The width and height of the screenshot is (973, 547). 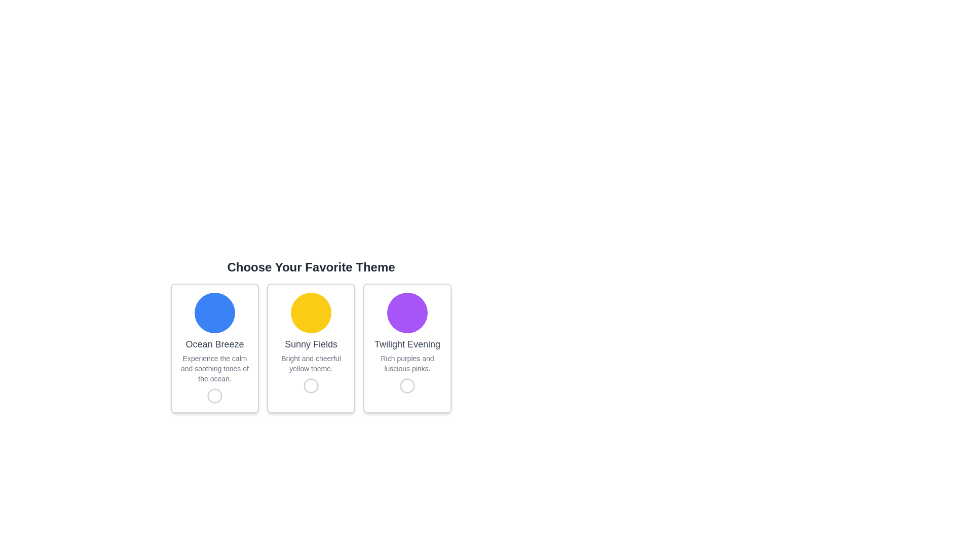 I want to click on the circular, yellow 'Sunny Fields' decorative UI component, which is centrally located above the textual description and labels, so click(x=311, y=312).